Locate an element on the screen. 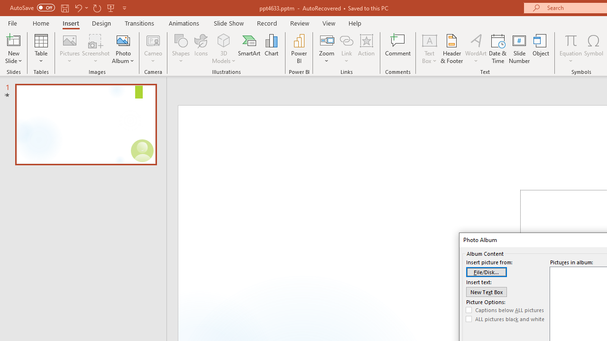 This screenshot has width=607, height=341. 'Equation' is located at coordinates (570, 40).